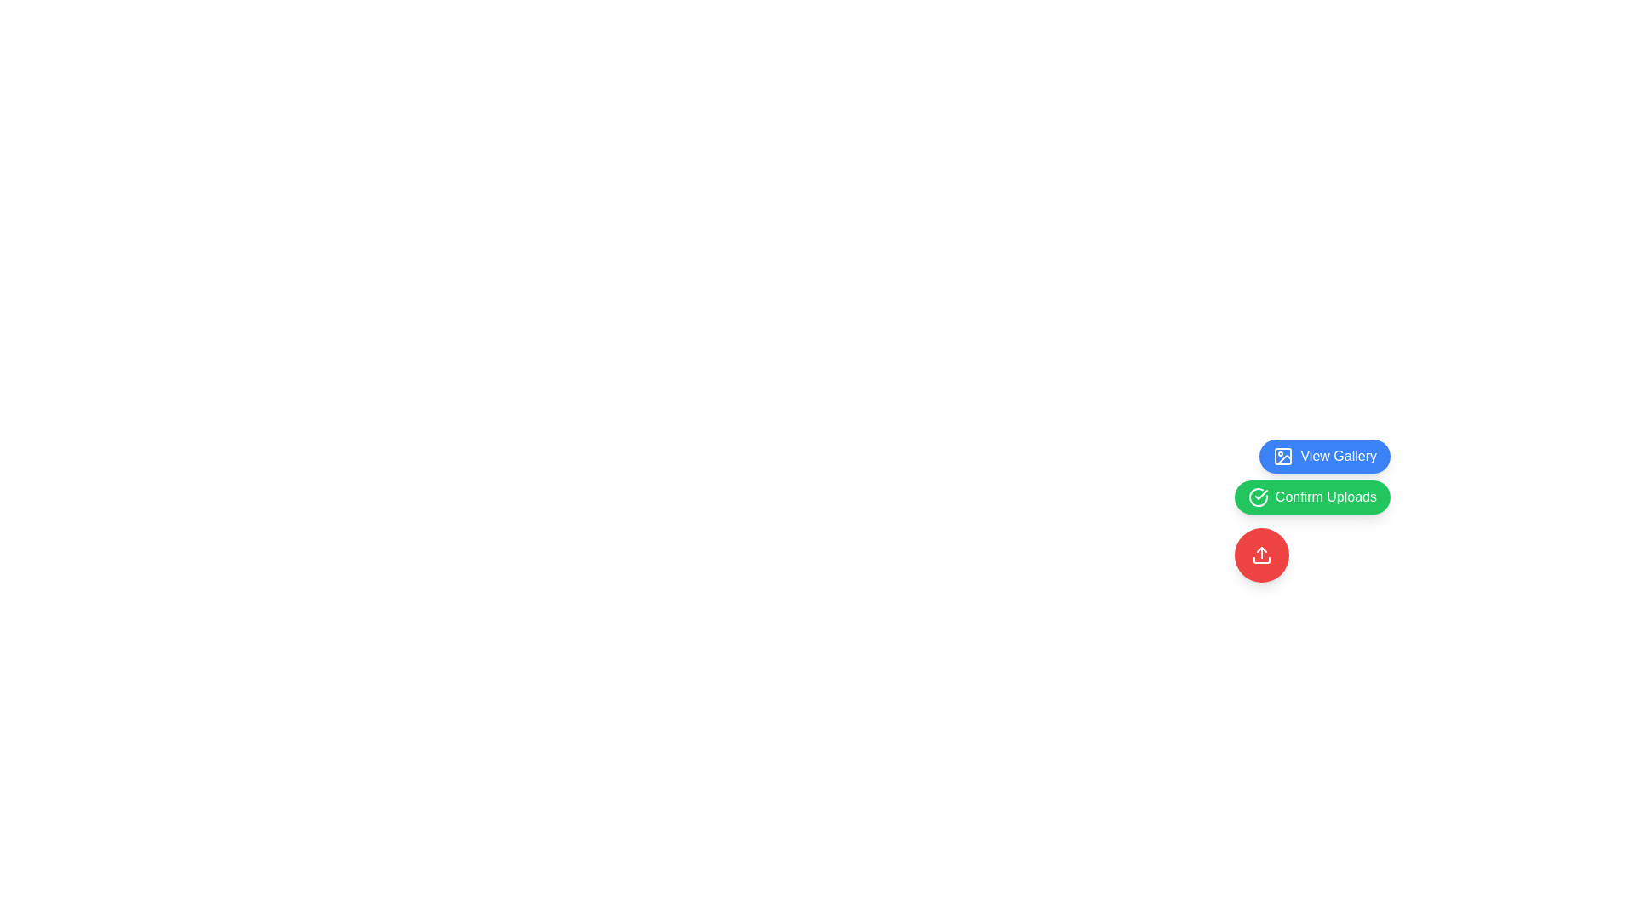  I want to click on the green 'Confirm Uploads' button located in the bottom-right corner of the interface, so click(1311, 510).